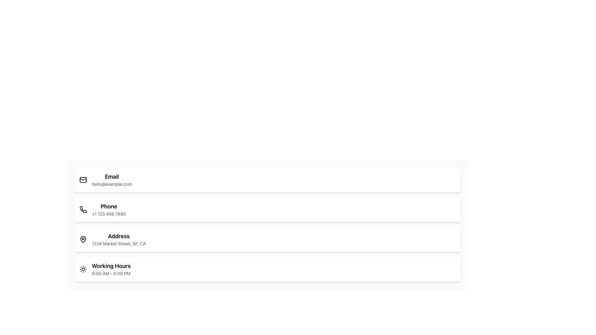 The height and width of the screenshot is (335, 596). What do you see at coordinates (83, 209) in the screenshot?
I see `the phone icon, which is a stylized black outline on a white background, located in the second card from the top of a vertically stacked list, to the left of the label 'Phone' and phone number '+1 123 456 7890'` at bounding box center [83, 209].